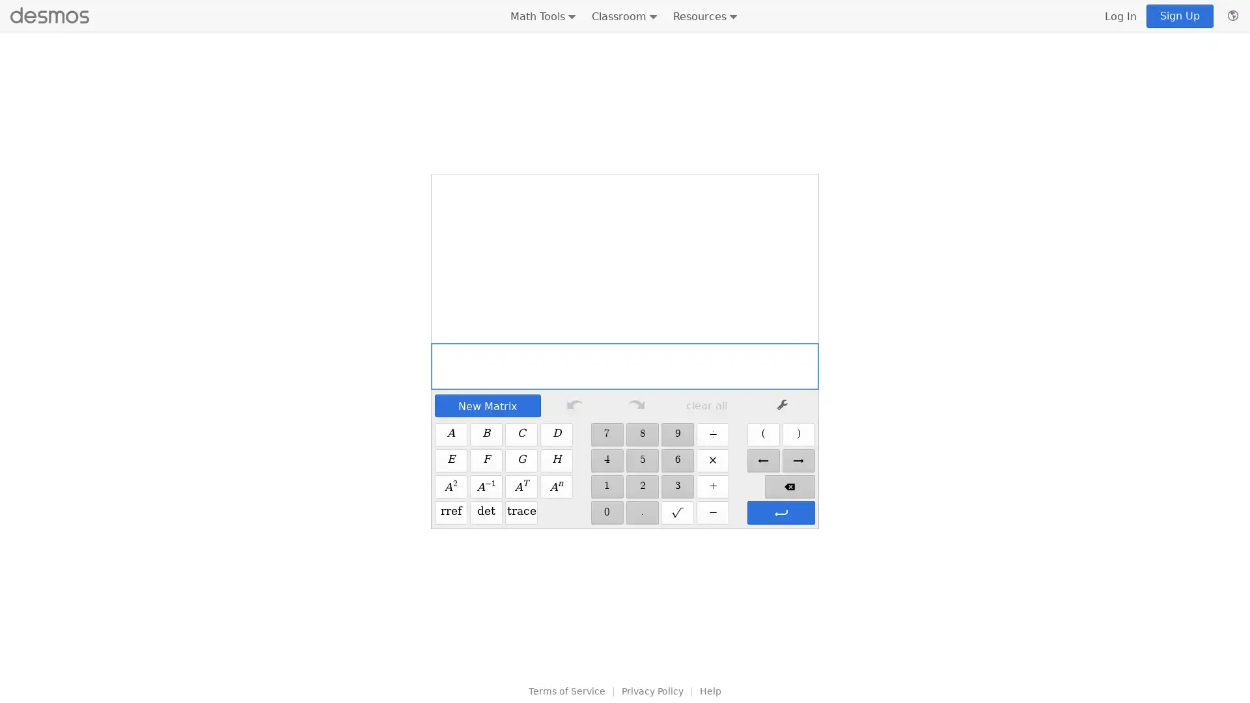 The width and height of the screenshot is (1250, 703). Describe the element at coordinates (706, 405) in the screenshot. I see `clear all` at that location.